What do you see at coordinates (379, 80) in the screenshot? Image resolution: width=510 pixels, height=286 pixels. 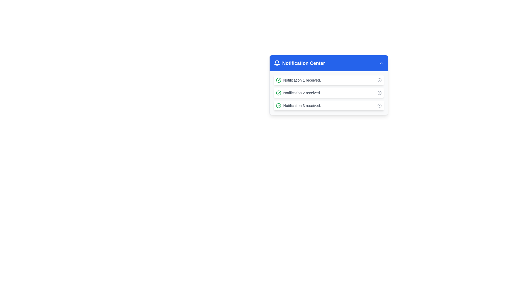 I see `the dismiss button located on the far right side of the 'Notification 1 received.' row` at bounding box center [379, 80].